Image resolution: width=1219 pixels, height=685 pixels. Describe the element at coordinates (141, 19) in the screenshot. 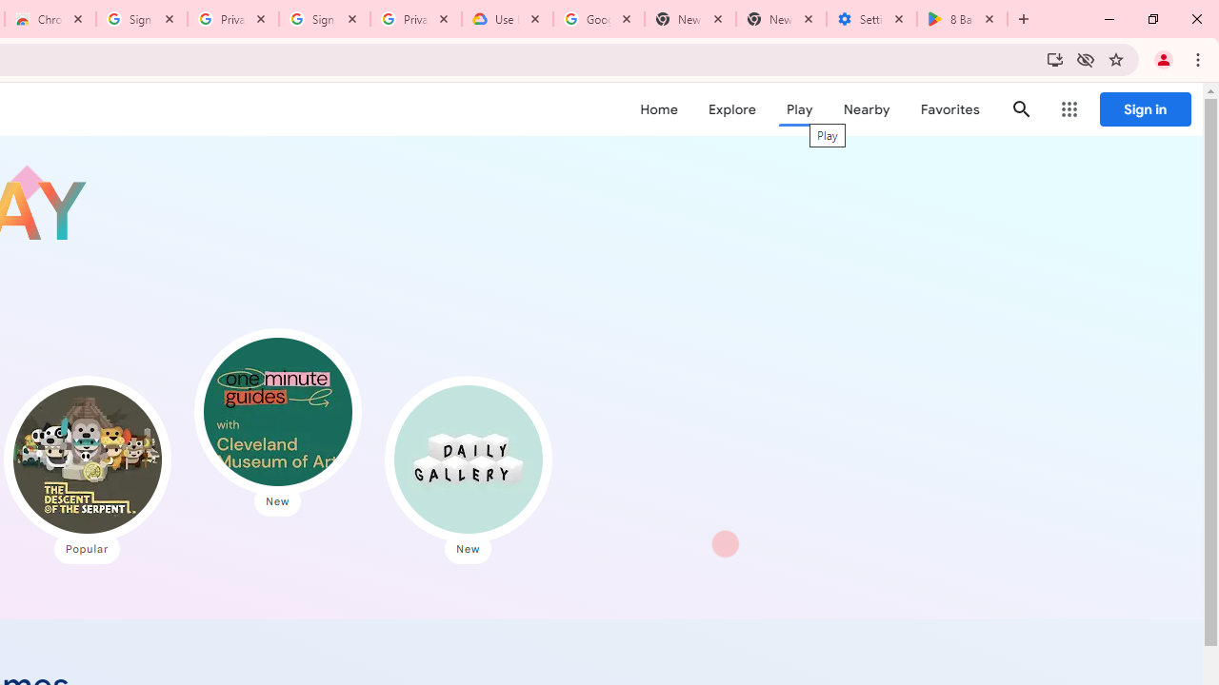

I see `'Sign in - Google Accounts'` at that location.